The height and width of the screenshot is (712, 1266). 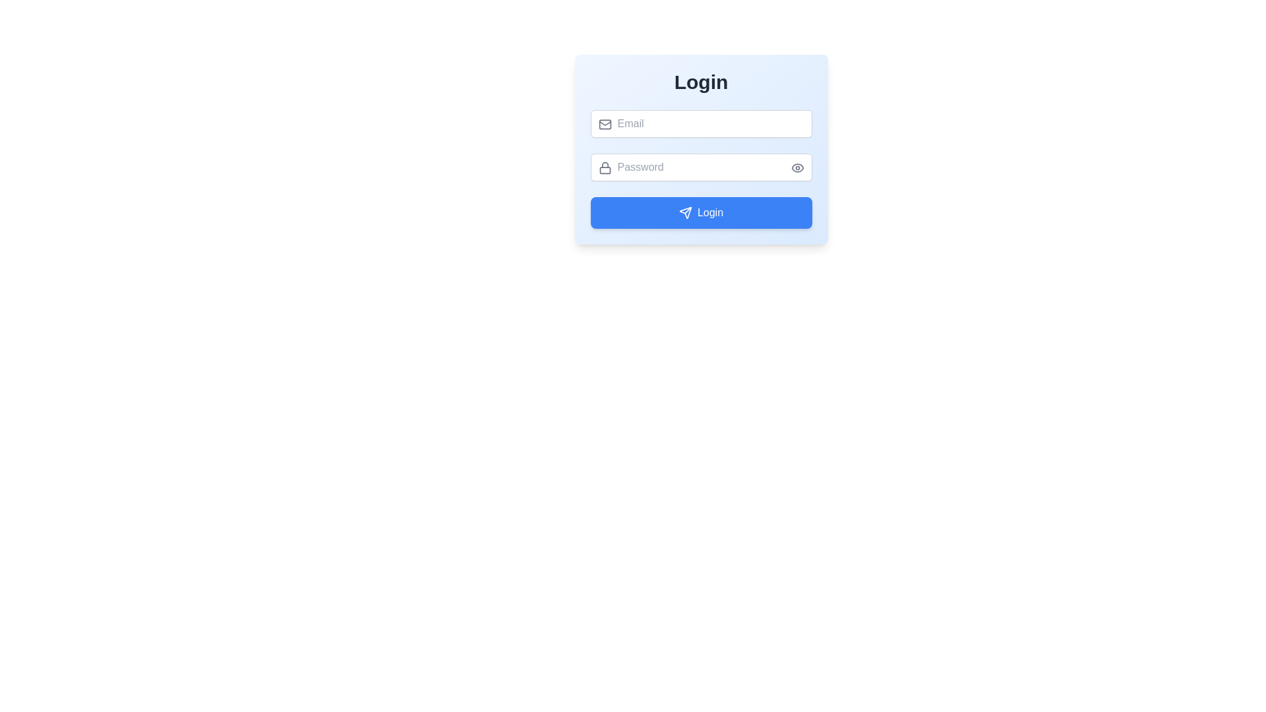 What do you see at coordinates (700, 167) in the screenshot?
I see `the Password input field located beneath the Email input field and above the Login button in the Login form for potential visual feedback` at bounding box center [700, 167].